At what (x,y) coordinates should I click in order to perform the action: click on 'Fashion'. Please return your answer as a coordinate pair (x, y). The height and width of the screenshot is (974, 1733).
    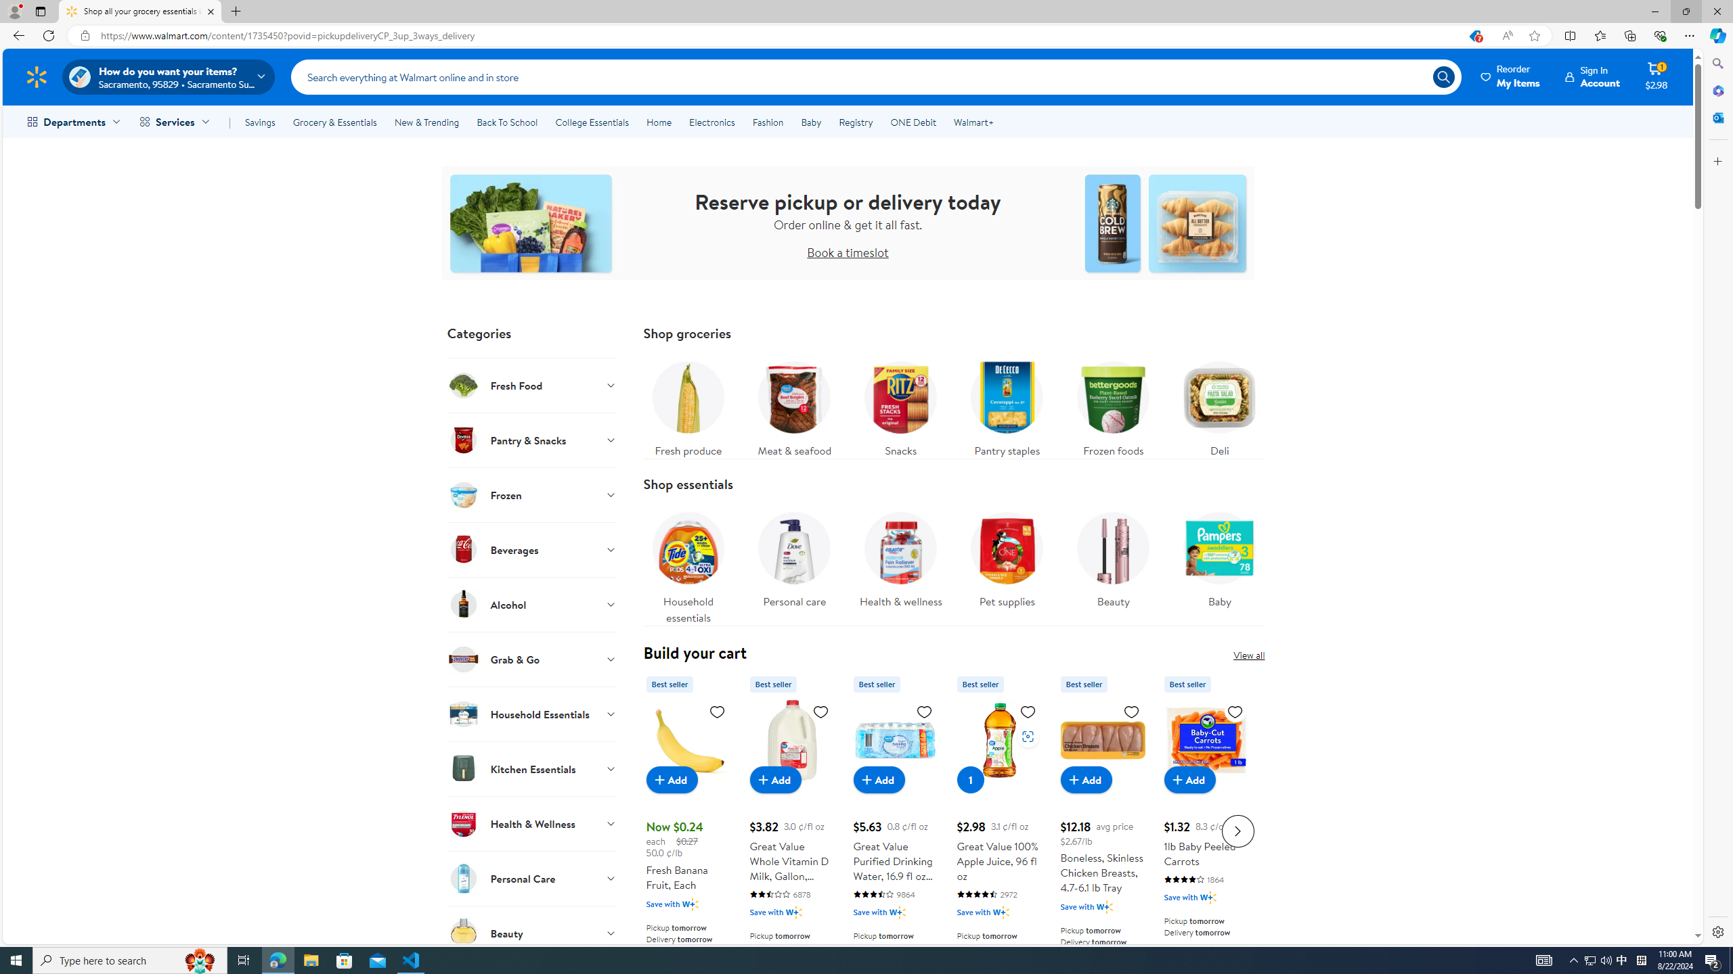
    Looking at the image, I should click on (767, 122).